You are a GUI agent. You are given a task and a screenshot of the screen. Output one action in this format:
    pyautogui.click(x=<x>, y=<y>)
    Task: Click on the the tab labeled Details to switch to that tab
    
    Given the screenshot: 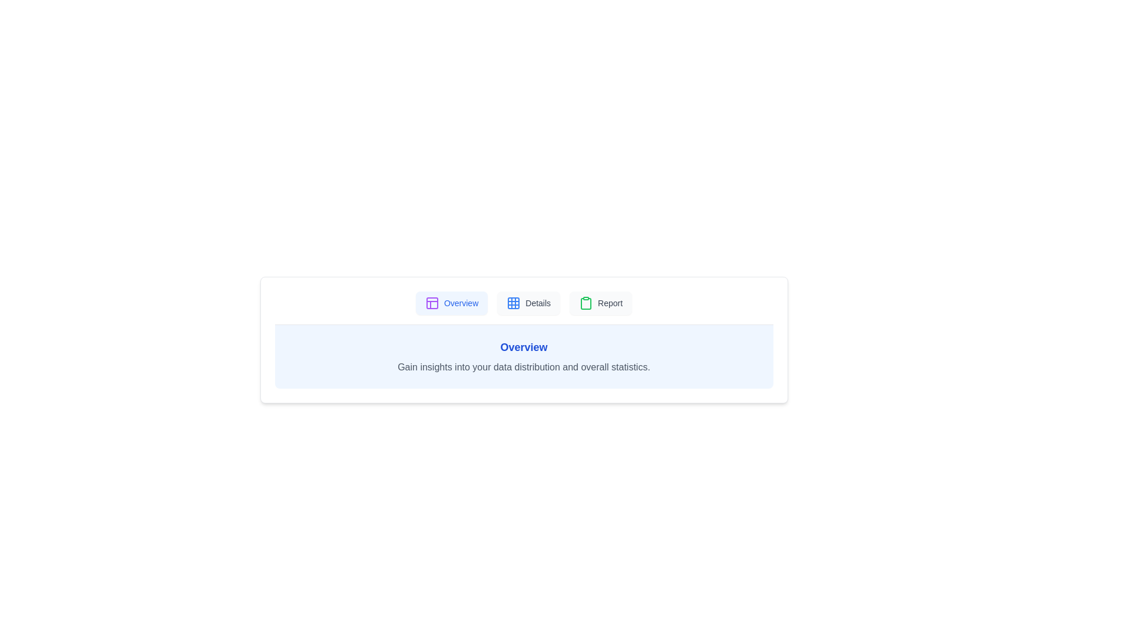 What is the action you would take?
    pyautogui.click(x=528, y=303)
    